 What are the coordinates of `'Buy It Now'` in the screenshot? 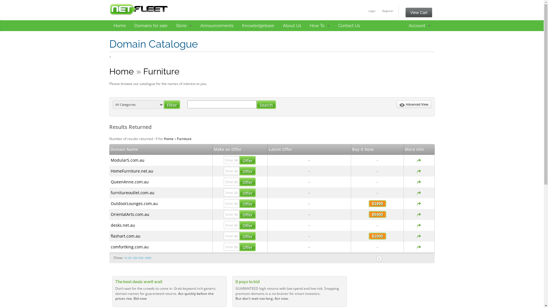 It's located at (362, 149).